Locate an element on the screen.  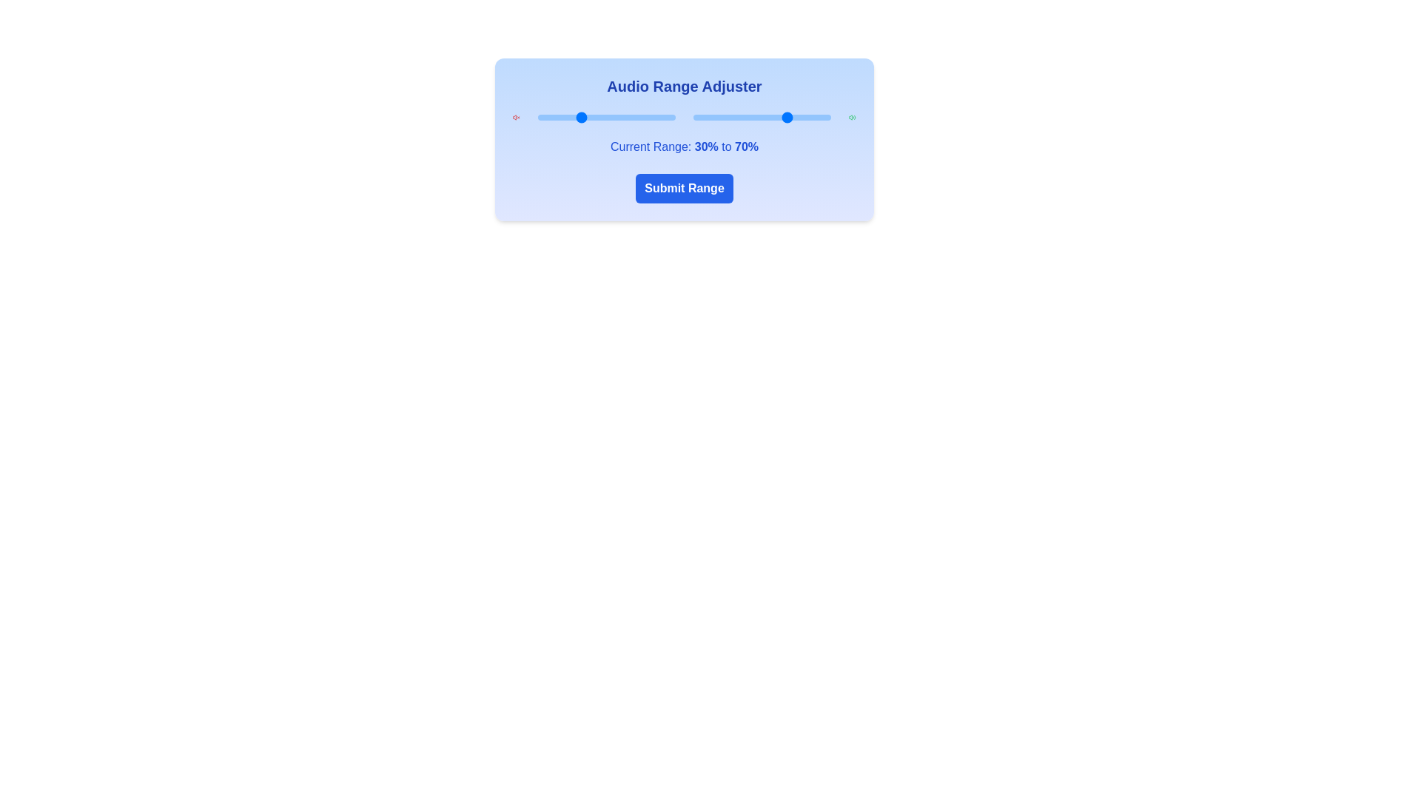
the slider is located at coordinates (666, 116).